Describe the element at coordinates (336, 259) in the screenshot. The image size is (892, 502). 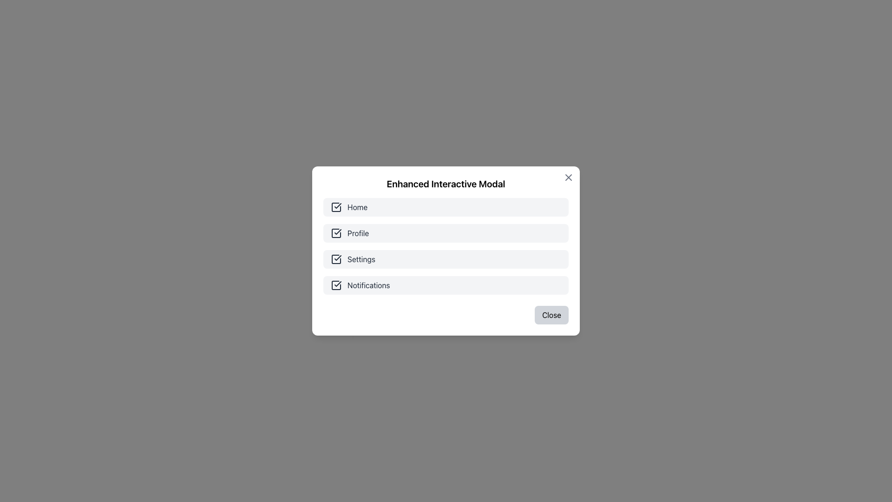
I see `the checkbox icon with a centered checkmark` at that location.